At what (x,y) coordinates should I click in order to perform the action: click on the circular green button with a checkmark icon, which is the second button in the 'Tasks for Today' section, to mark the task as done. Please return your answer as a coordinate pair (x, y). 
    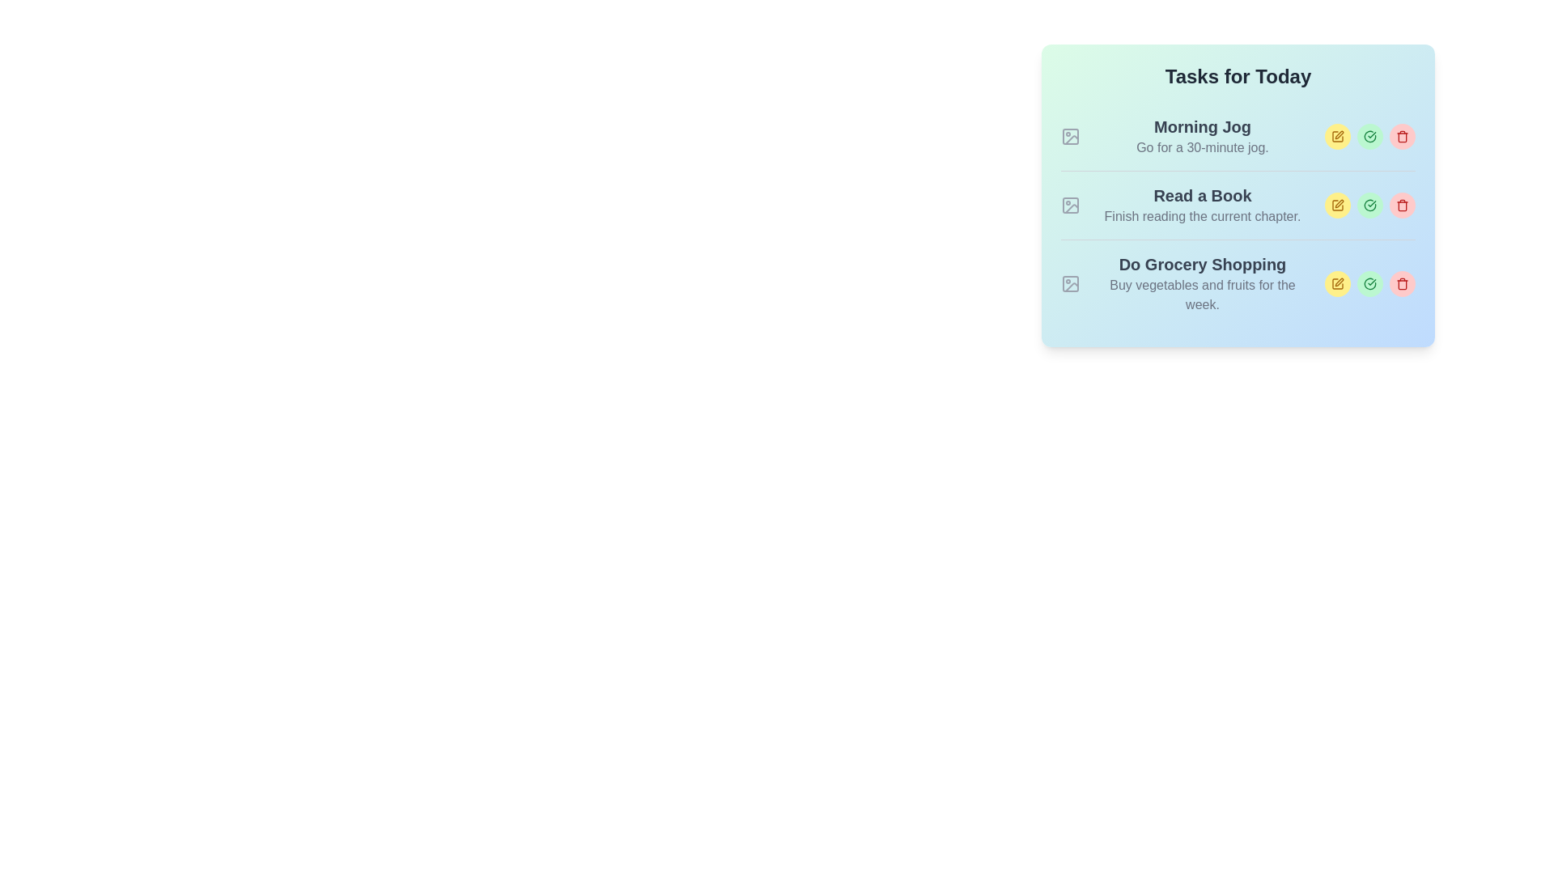
    Looking at the image, I should click on (1369, 136).